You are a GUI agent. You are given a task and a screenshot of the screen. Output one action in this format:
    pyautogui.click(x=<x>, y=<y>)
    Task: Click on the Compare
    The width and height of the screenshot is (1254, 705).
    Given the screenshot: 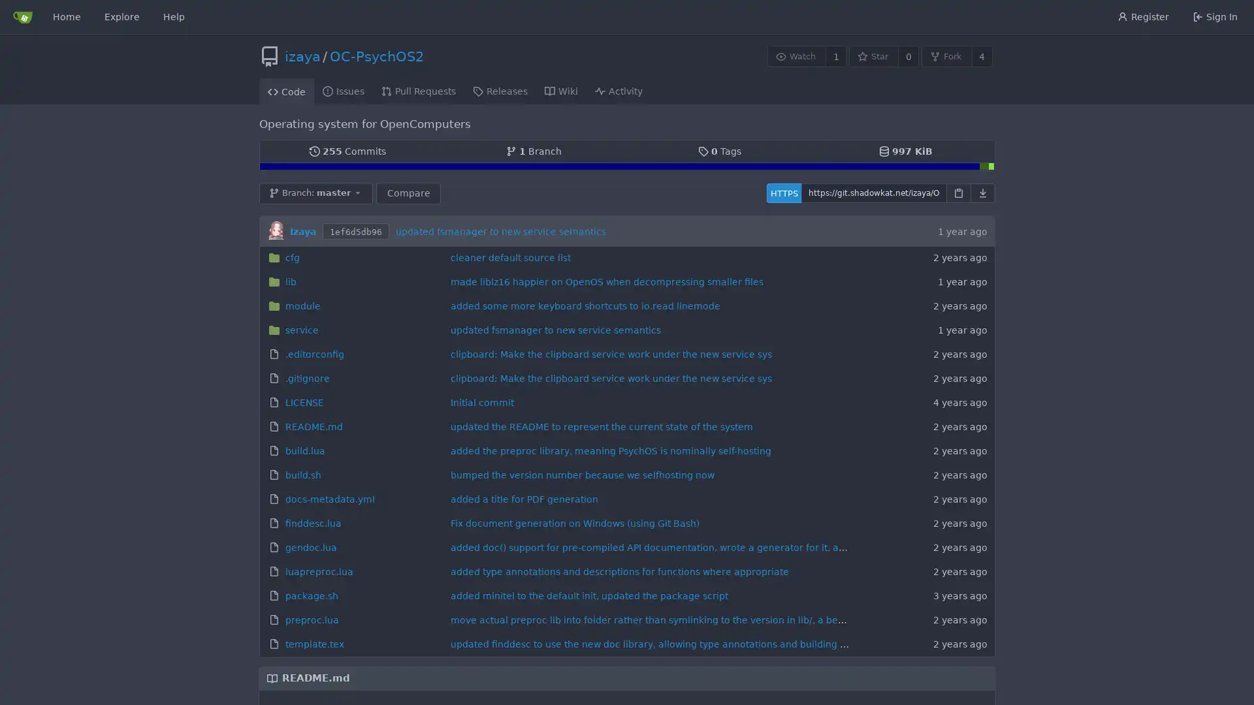 What is the action you would take?
    pyautogui.click(x=407, y=193)
    